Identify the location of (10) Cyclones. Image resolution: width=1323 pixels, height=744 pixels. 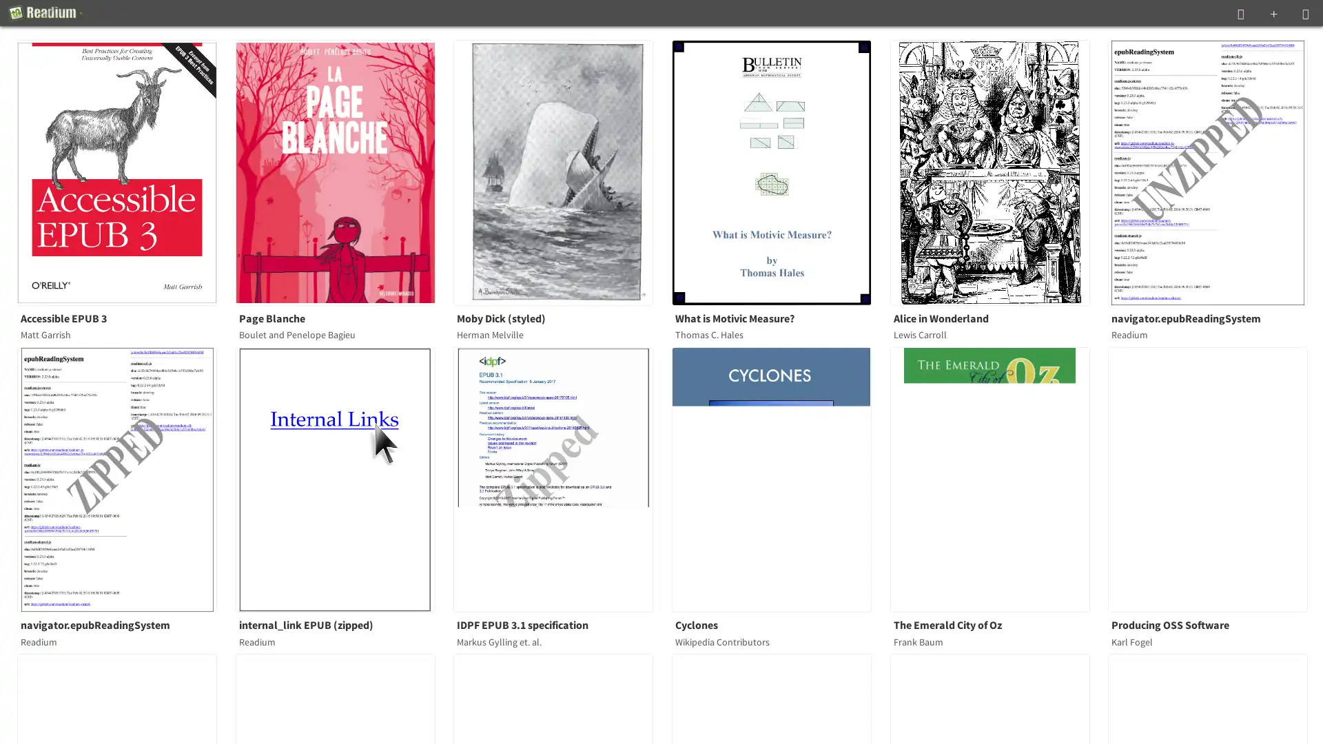
(780, 478).